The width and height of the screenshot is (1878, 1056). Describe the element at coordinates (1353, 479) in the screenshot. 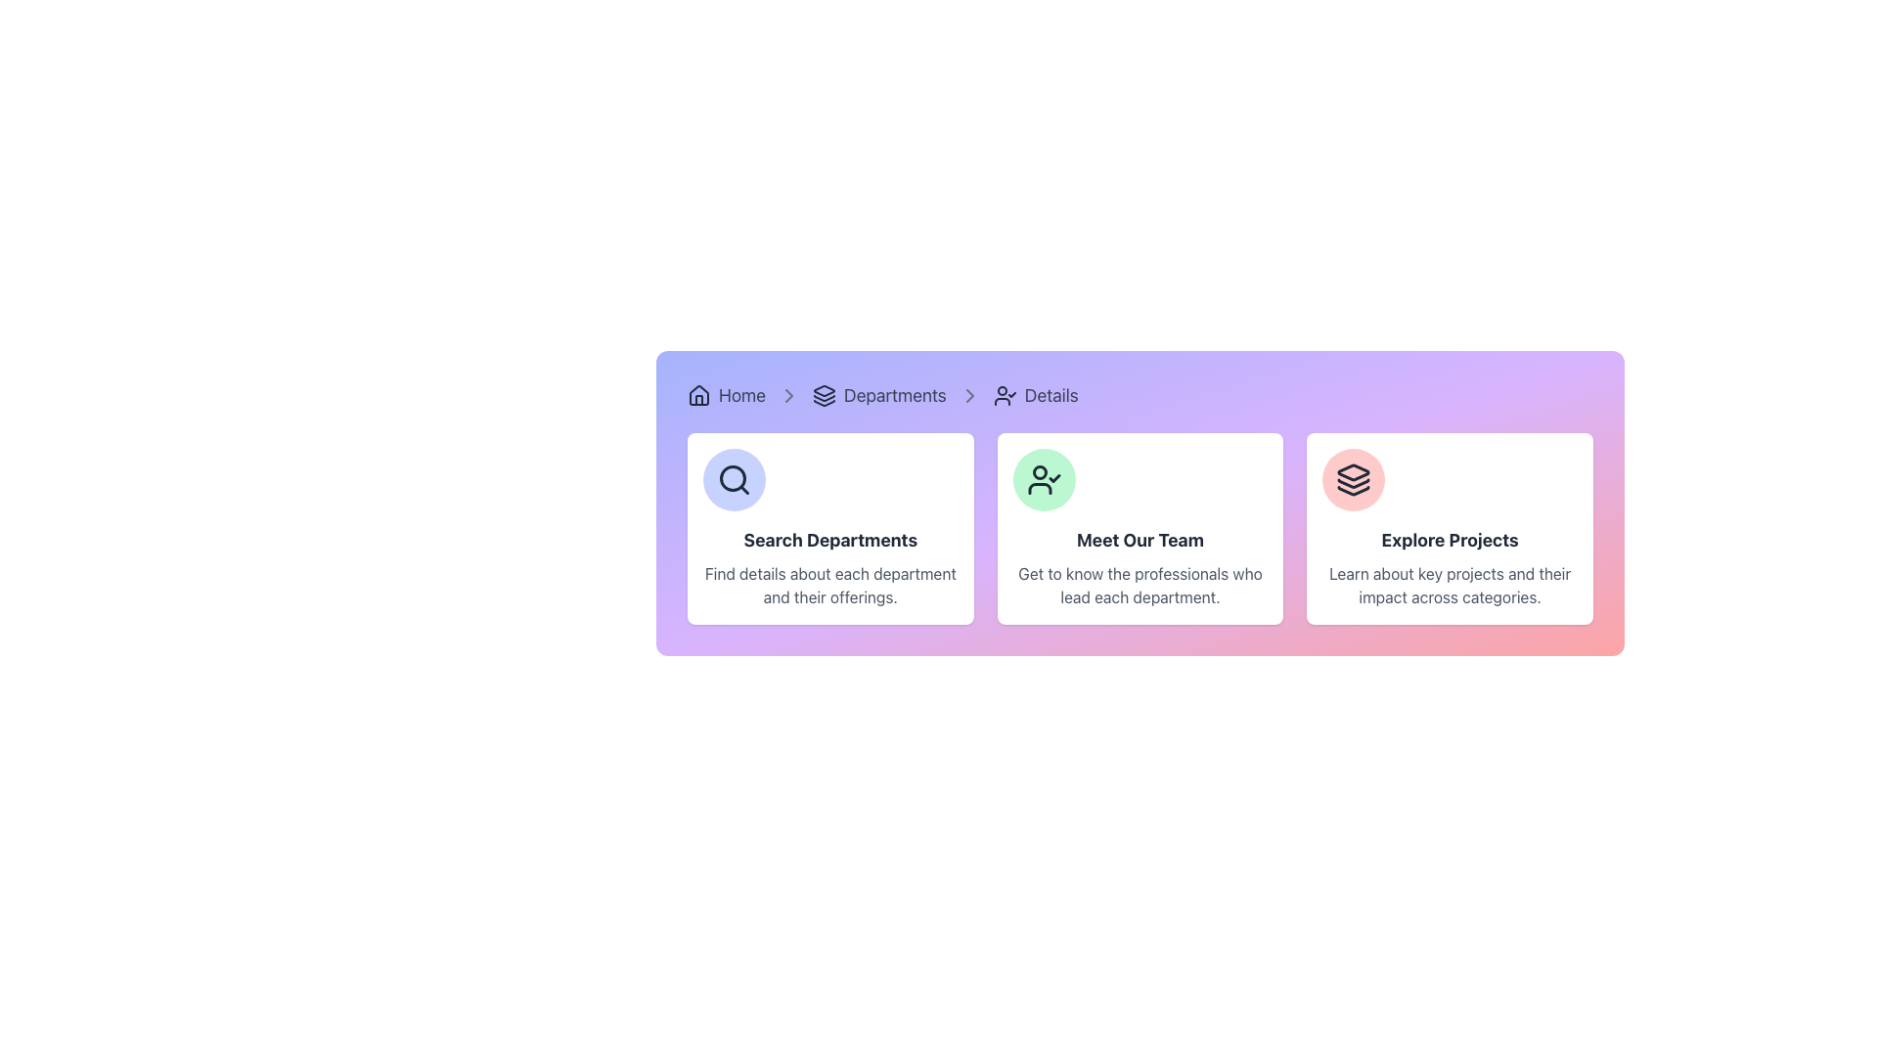

I see `the SVG graphic icon representing the 'Explore Projects' card located at the bottom right corner of the interface` at that location.